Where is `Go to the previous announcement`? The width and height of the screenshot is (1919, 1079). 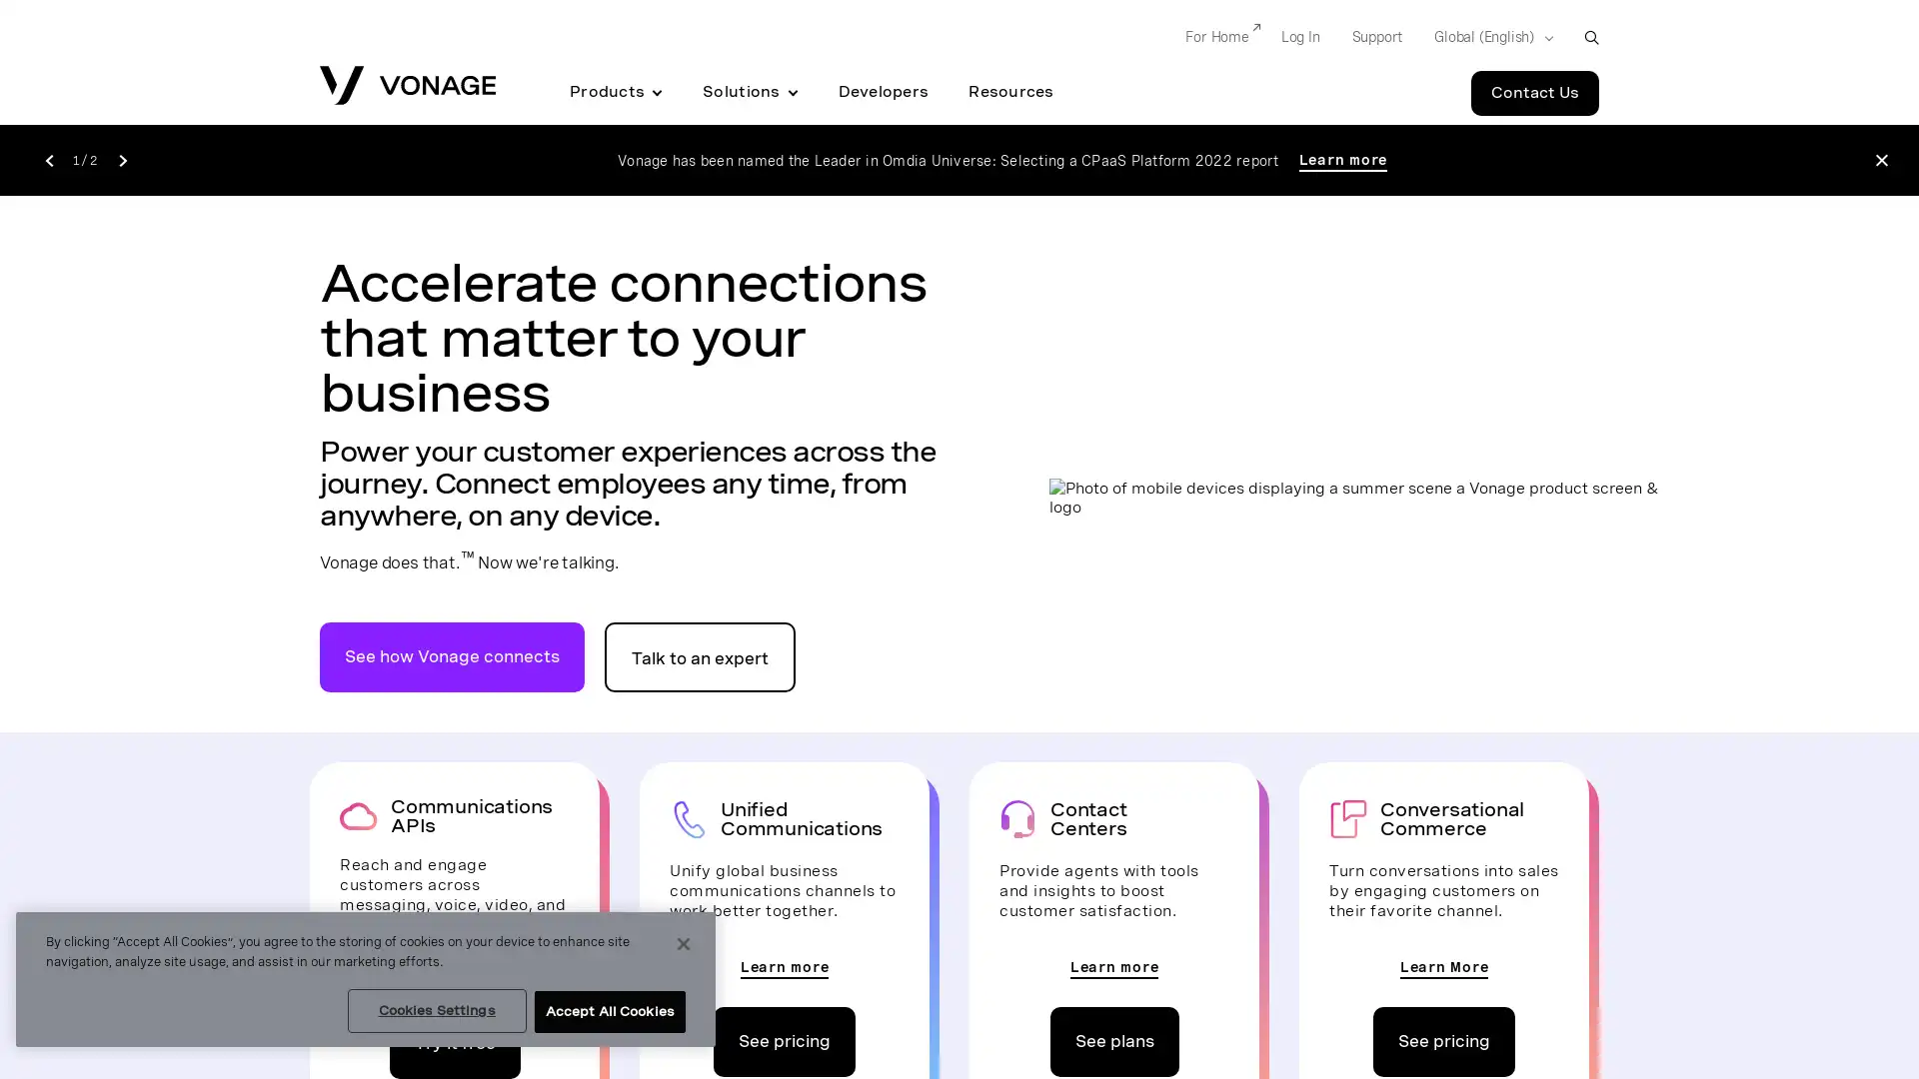
Go to the previous announcement is located at coordinates (48, 158).